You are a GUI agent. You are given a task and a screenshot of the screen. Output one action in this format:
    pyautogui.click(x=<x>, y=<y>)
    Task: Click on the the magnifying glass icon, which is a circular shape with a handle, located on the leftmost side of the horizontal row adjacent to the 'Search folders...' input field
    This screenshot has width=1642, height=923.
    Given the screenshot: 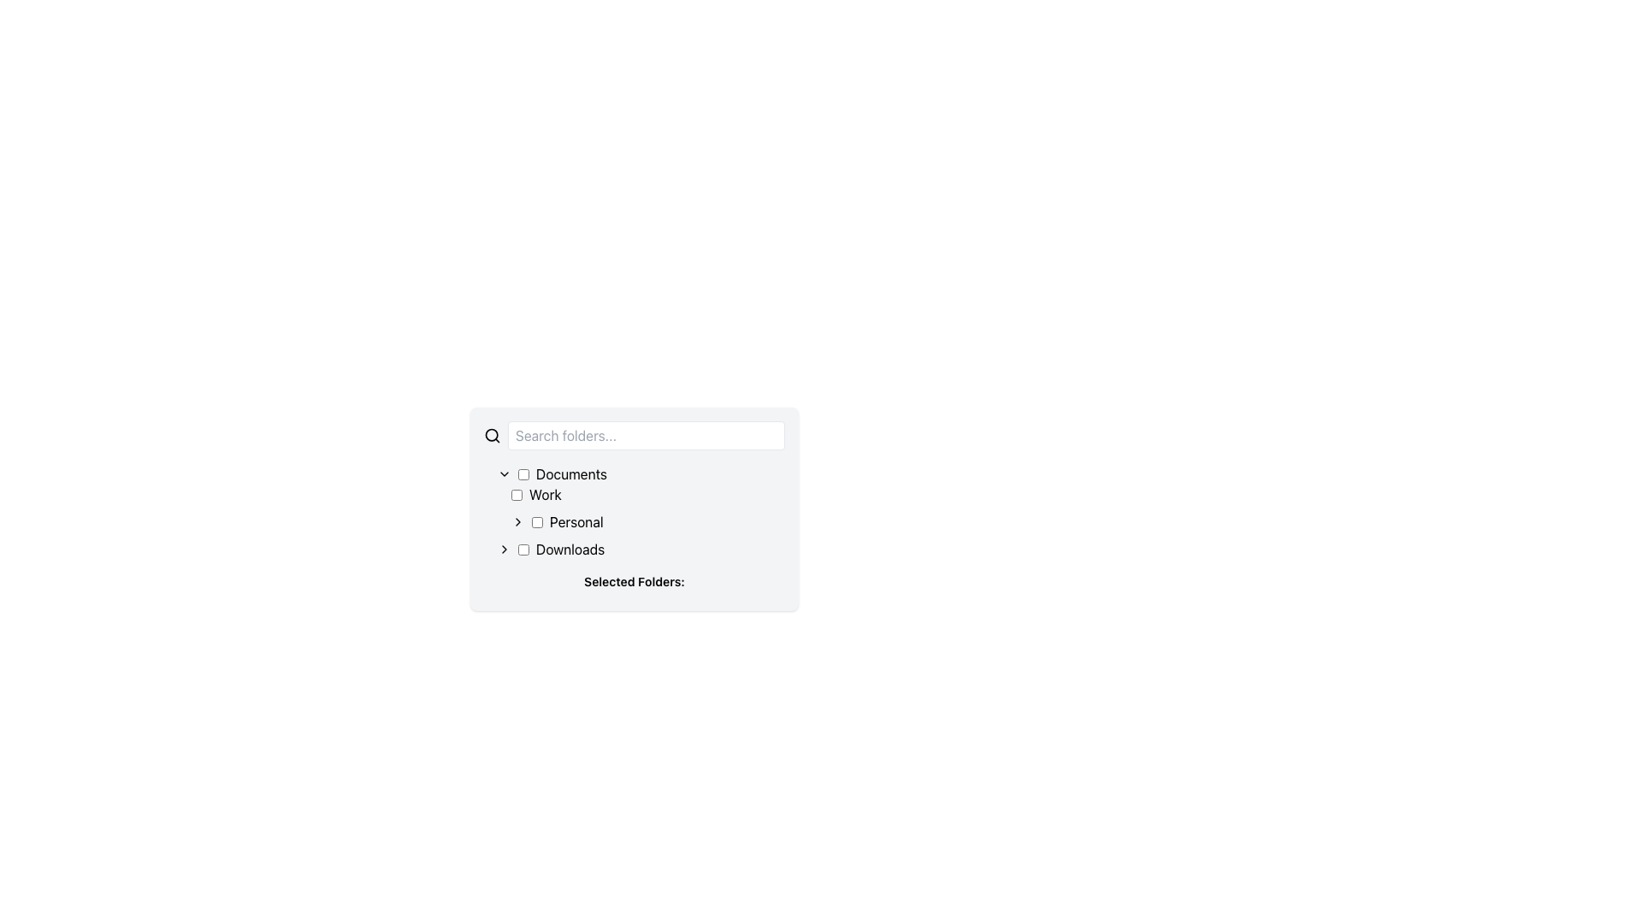 What is the action you would take?
    pyautogui.click(x=492, y=434)
    